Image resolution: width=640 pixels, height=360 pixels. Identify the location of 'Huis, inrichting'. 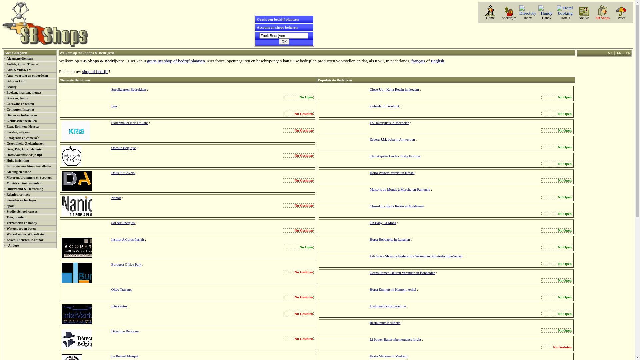
(17, 160).